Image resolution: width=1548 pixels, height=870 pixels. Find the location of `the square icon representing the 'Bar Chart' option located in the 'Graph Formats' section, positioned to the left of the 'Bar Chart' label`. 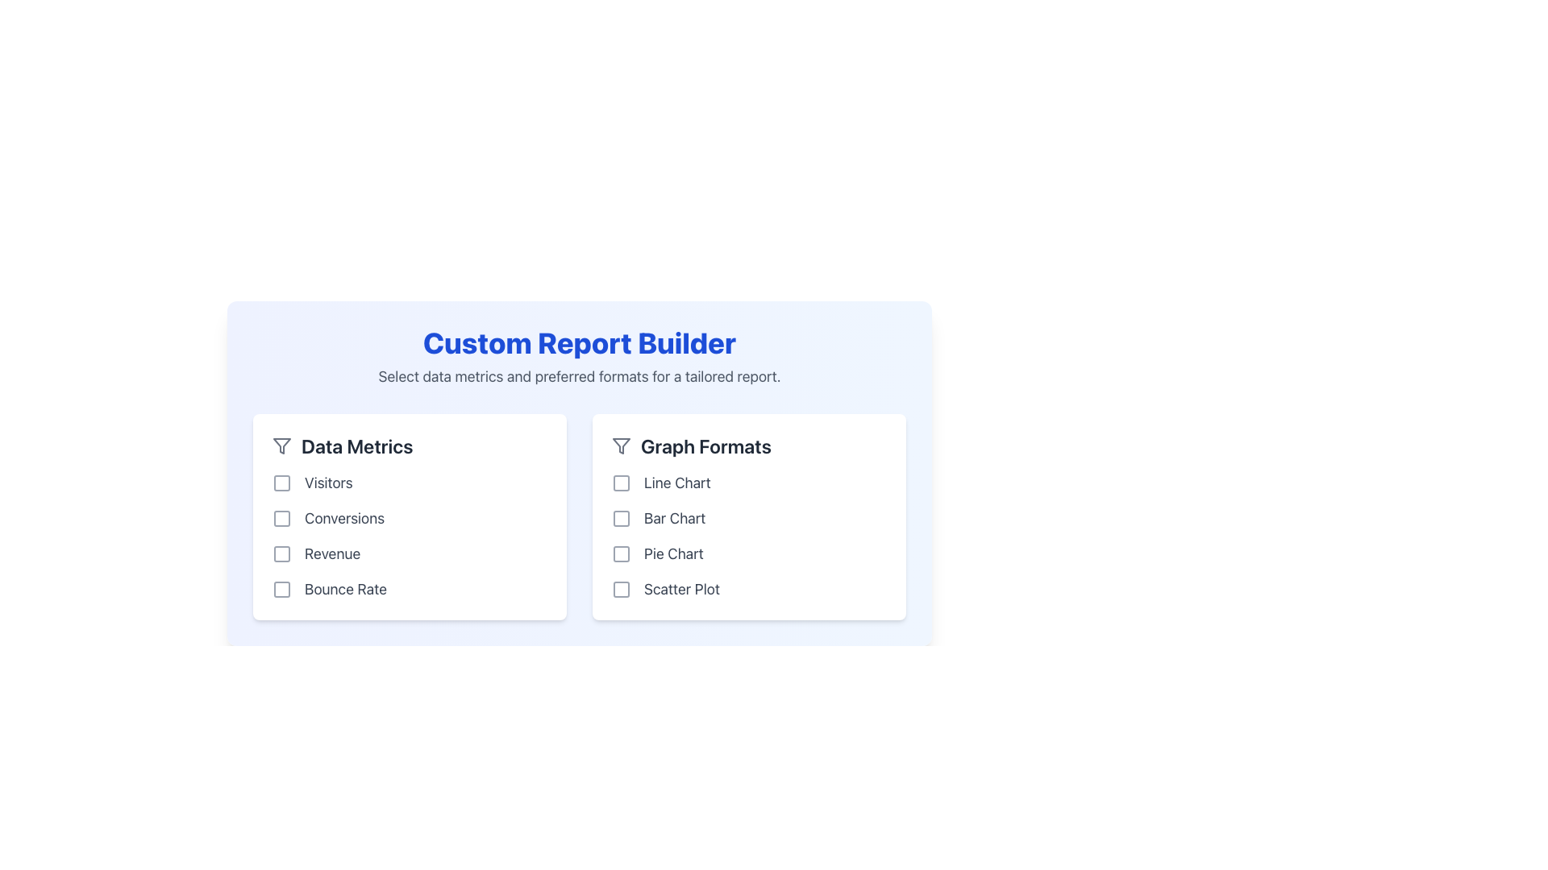

the square icon representing the 'Bar Chart' option located in the 'Graph Formats' section, positioned to the left of the 'Bar Chart' label is located at coordinates (621, 519).